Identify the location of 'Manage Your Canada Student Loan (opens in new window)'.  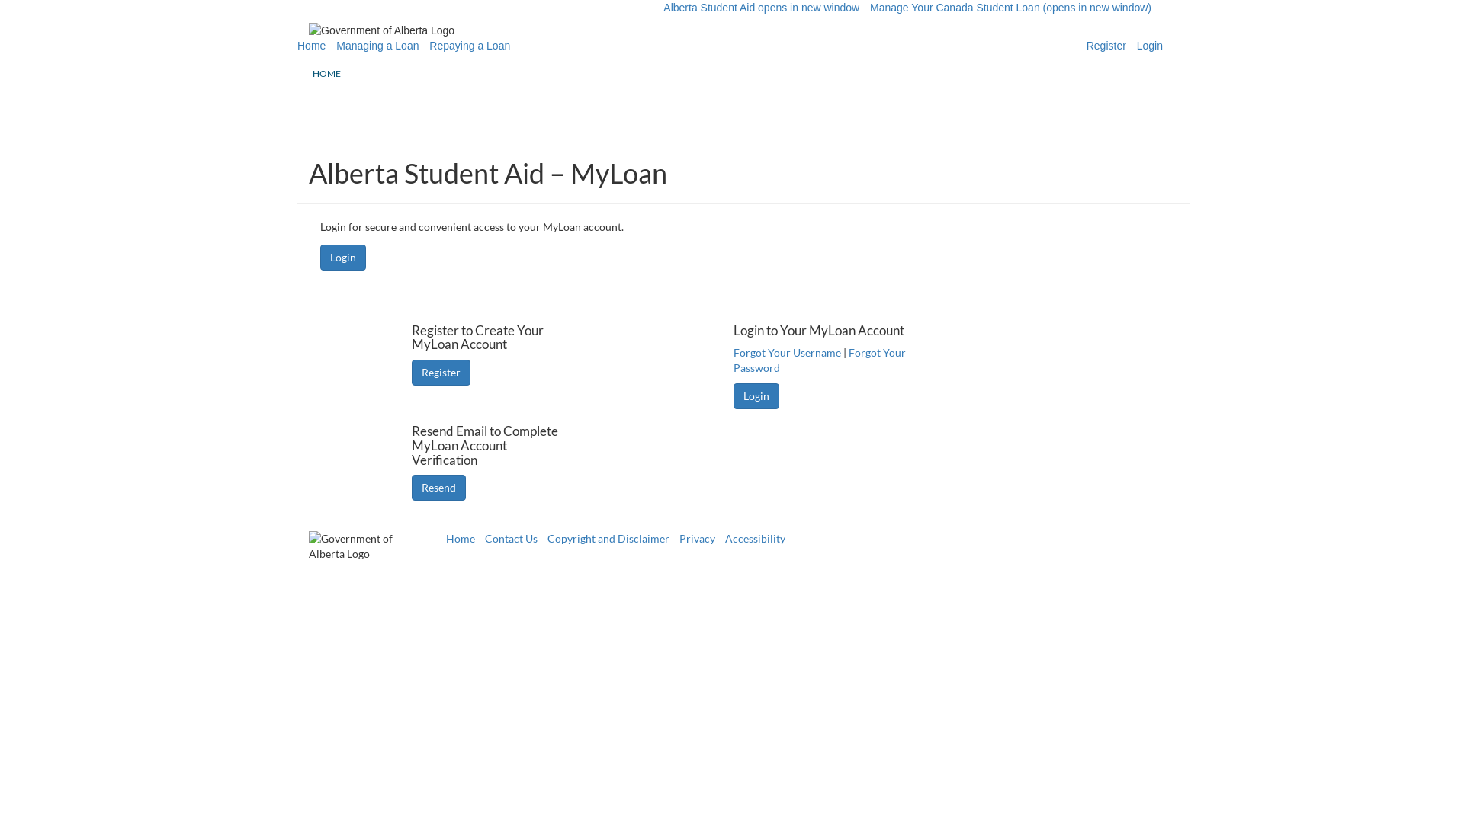
(1010, 8).